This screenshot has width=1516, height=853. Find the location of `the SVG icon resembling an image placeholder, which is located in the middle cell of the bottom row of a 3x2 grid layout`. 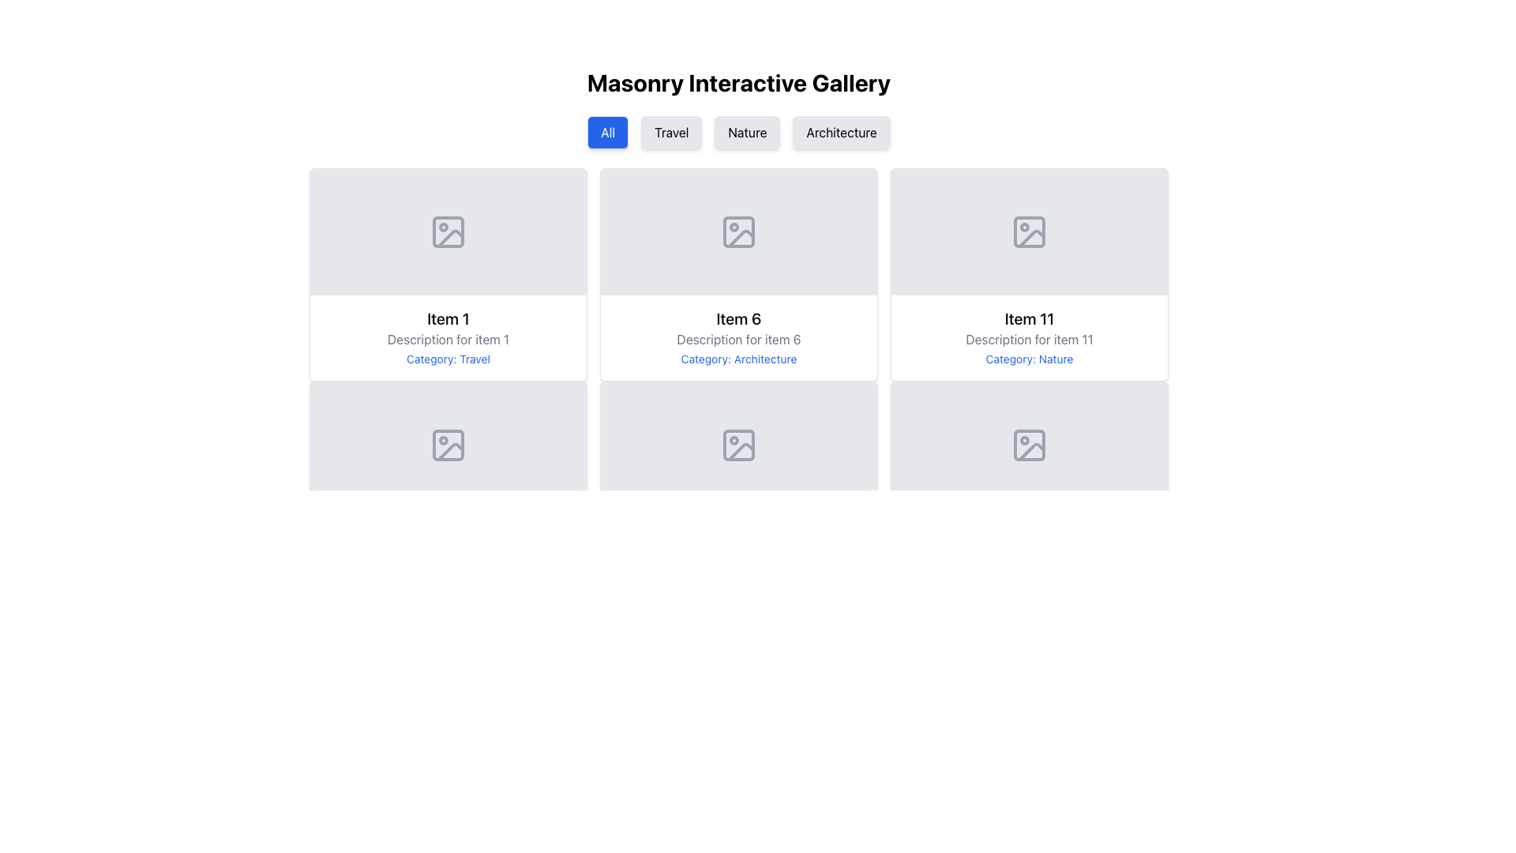

the SVG icon resembling an image placeholder, which is located in the middle cell of the bottom row of a 3x2 grid layout is located at coordinates (738, 445).